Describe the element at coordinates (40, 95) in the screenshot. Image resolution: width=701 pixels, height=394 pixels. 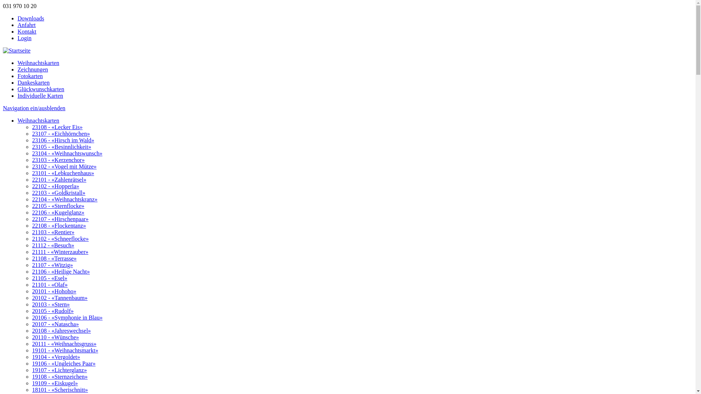
I see `'Individuelle Karten'` at that location.